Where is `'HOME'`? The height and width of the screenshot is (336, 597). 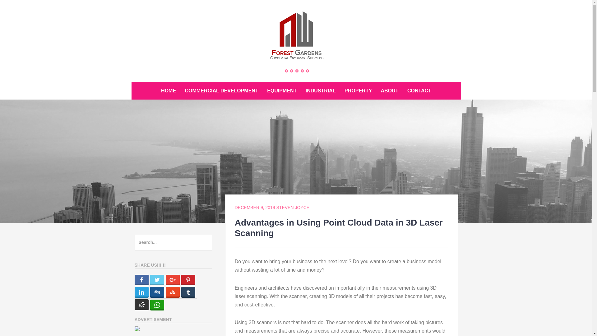
'HOME' is located at coordinates (169, 91).